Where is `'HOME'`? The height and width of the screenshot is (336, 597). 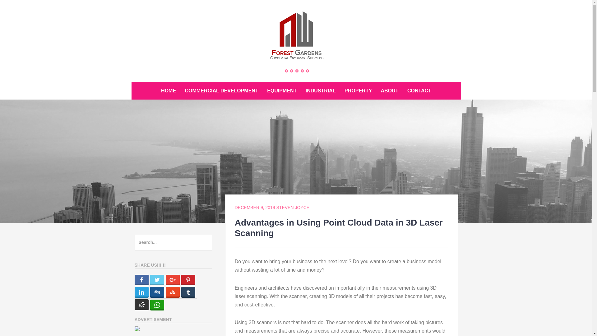
'HOME' is located at coordinates (169, 91).